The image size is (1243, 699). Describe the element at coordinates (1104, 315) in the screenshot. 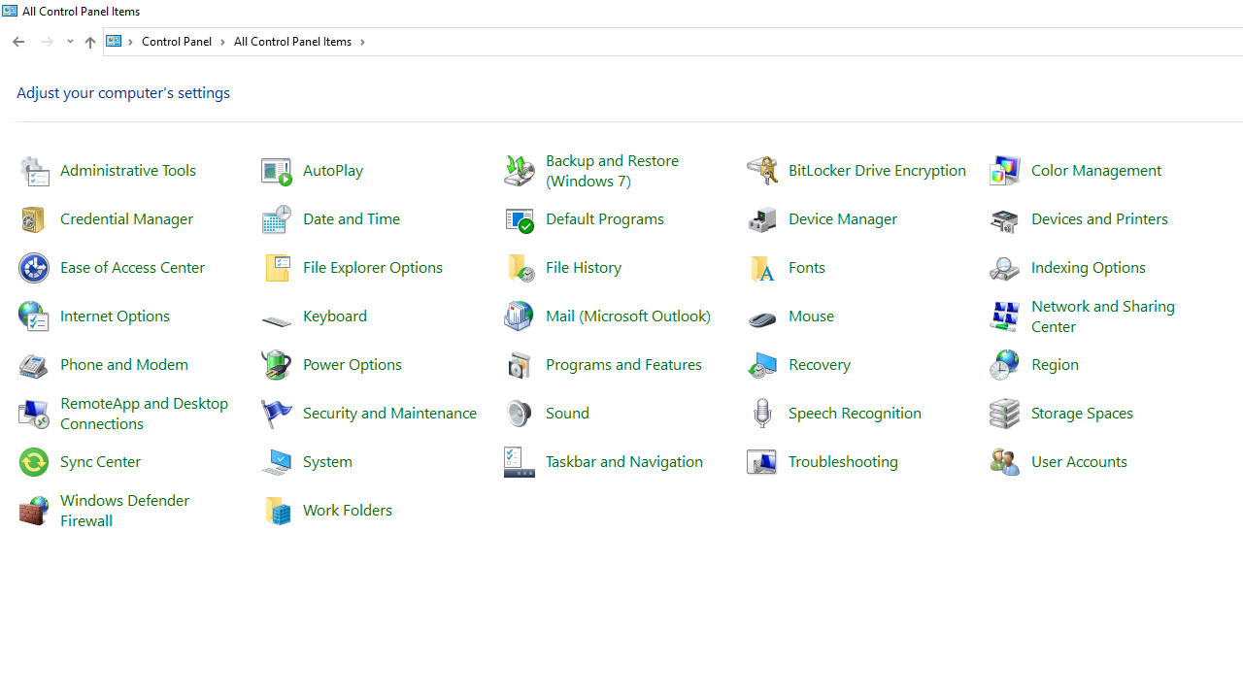

I see `'Network and Sharing Center'` at that location.